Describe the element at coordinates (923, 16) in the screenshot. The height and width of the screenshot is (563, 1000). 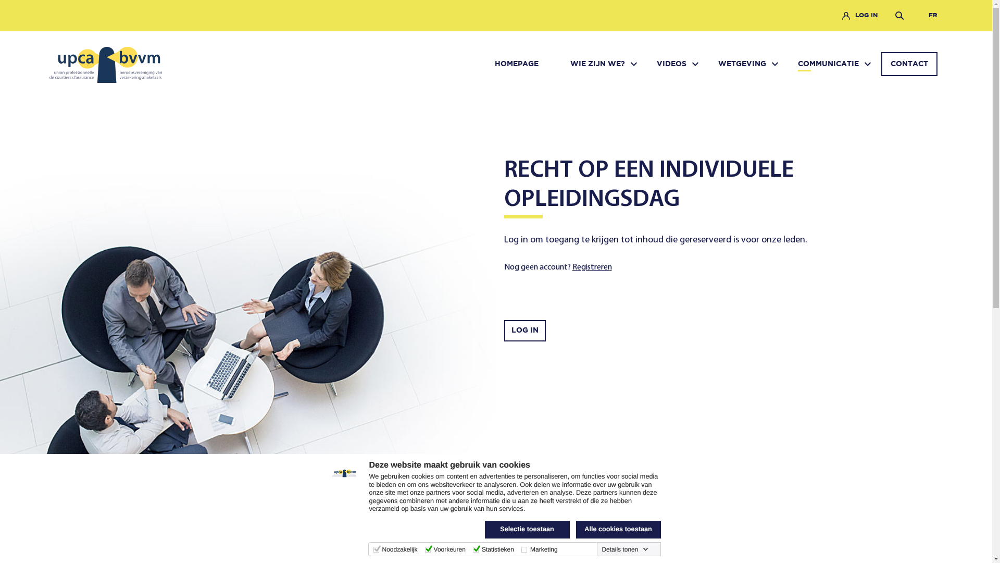
I see `'FR'` at that location.